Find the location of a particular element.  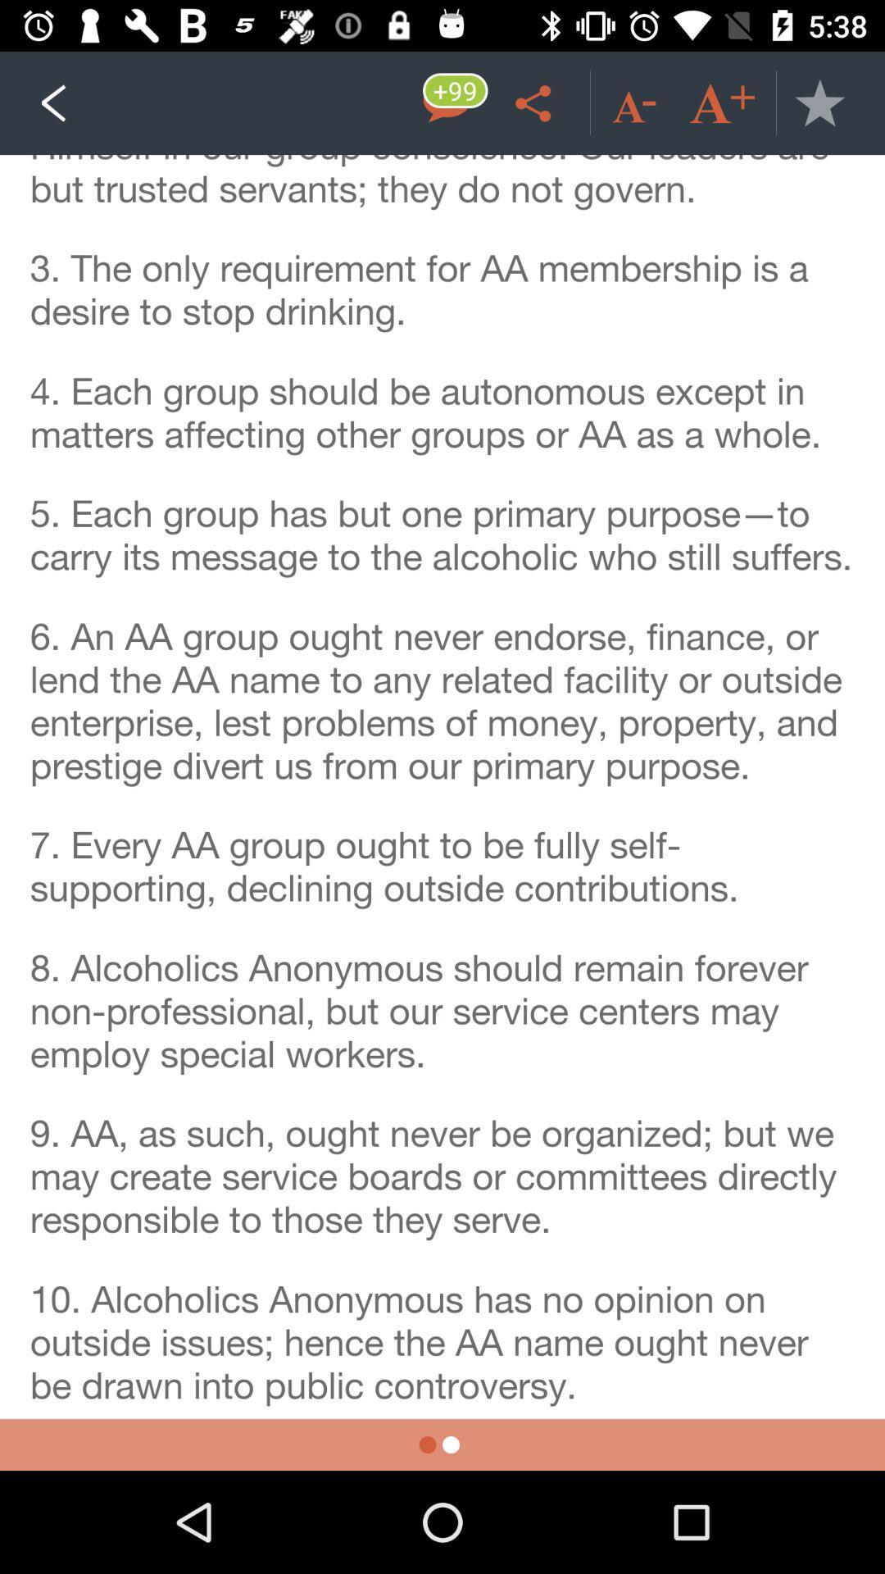

share option is located at coordinates (536, 102).